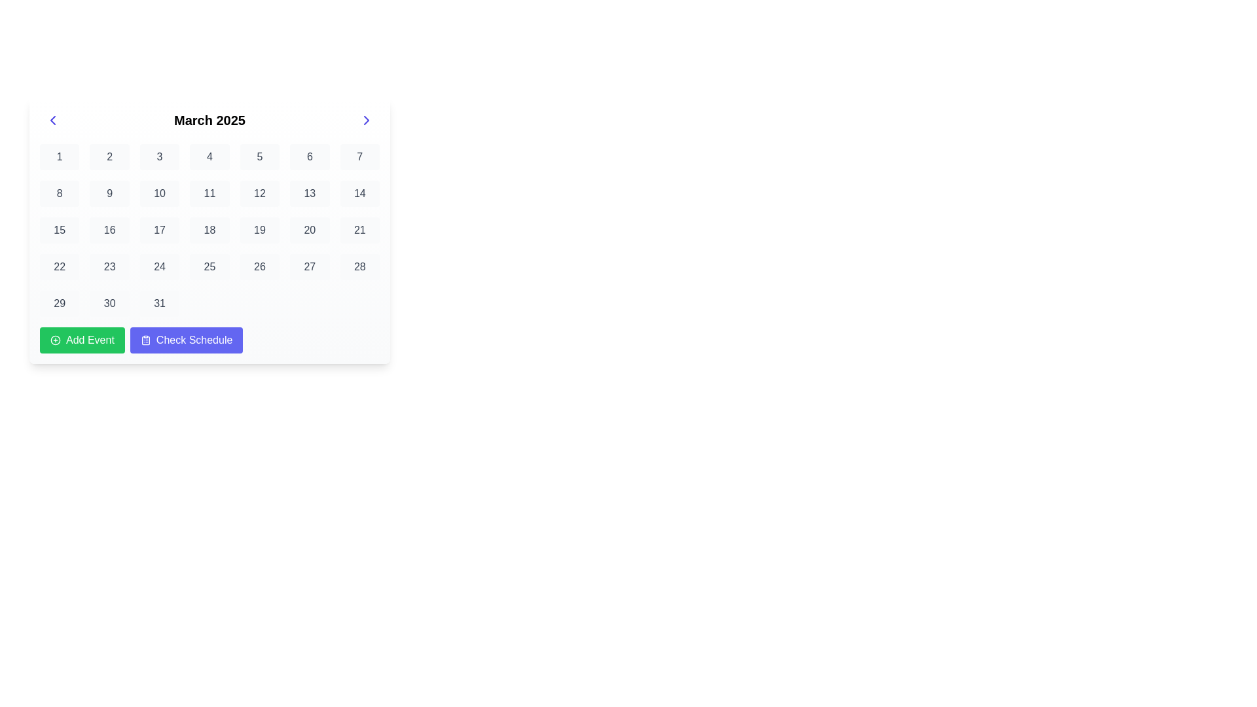 This screenshot has width=1257, height=707. What do you see at coordinates (209, 266) in the screenshot?
I see `the Day cell in the calendar grid for March 2025, which is the light gray box containing the number '25'` at bounding box center [209, 266].